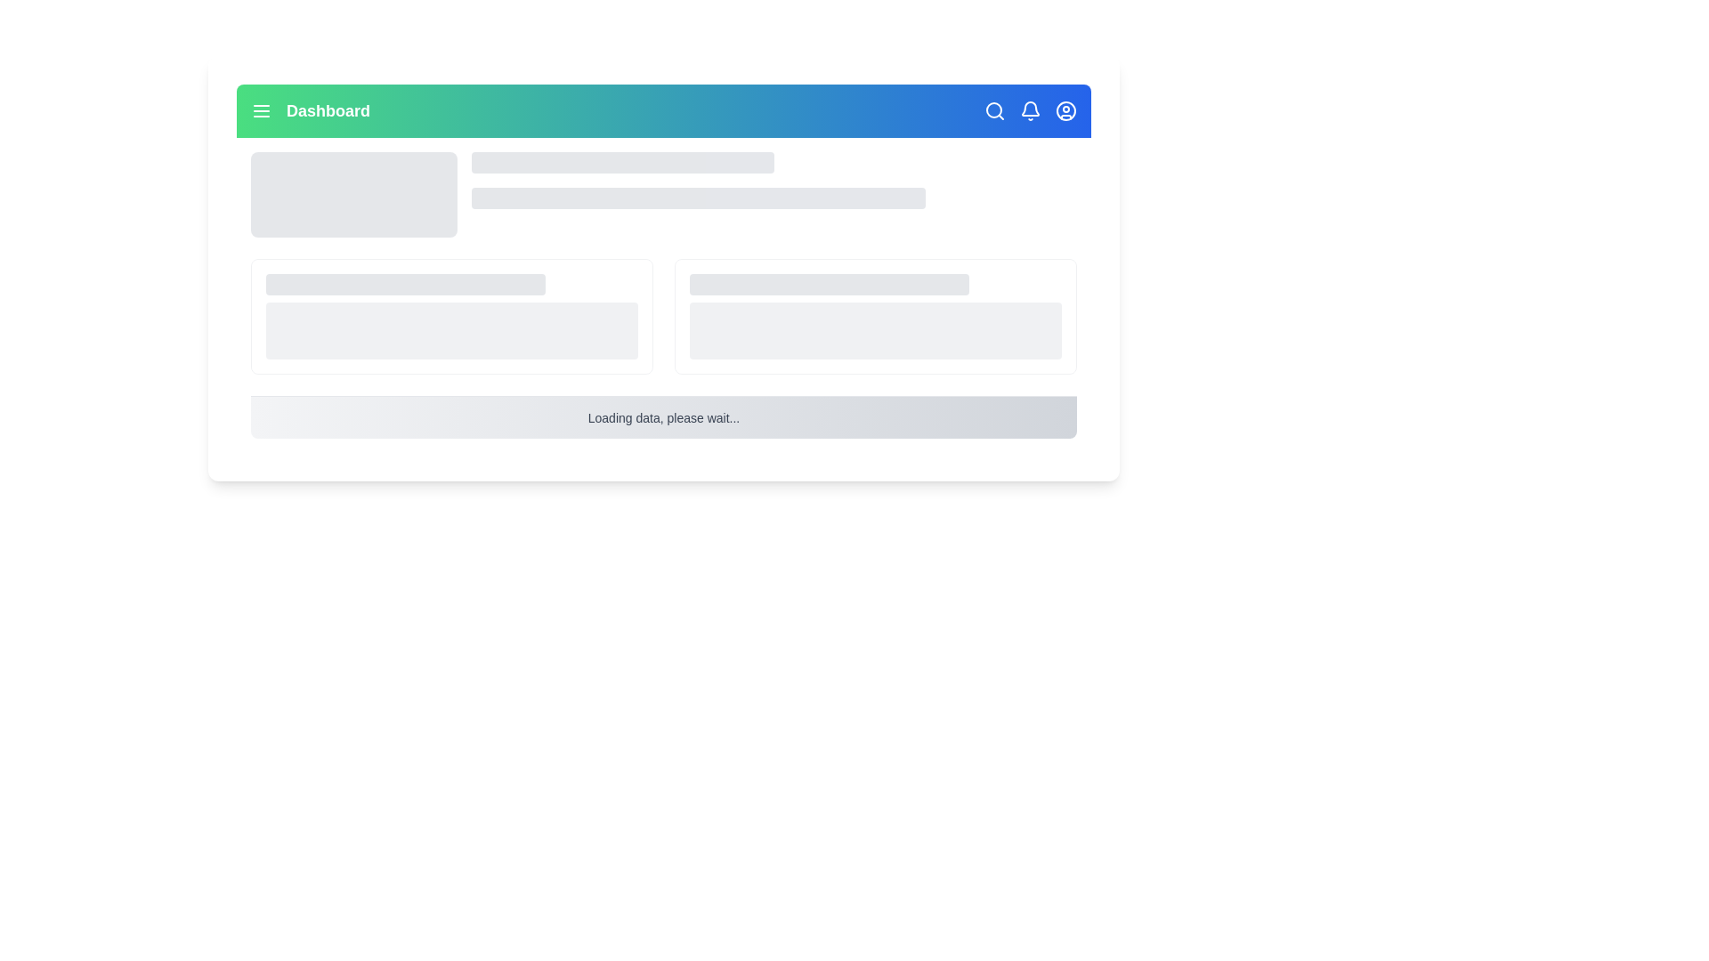 This screenshot has width=1709, height=961. What do you see at coordinates (328, 110) in the screenshot?
I see `the 'Dashboard' text label, which is a bold, larger white font against a gradient green-to-blue background, located centrally in the header section` at bounding box center [328, 110].